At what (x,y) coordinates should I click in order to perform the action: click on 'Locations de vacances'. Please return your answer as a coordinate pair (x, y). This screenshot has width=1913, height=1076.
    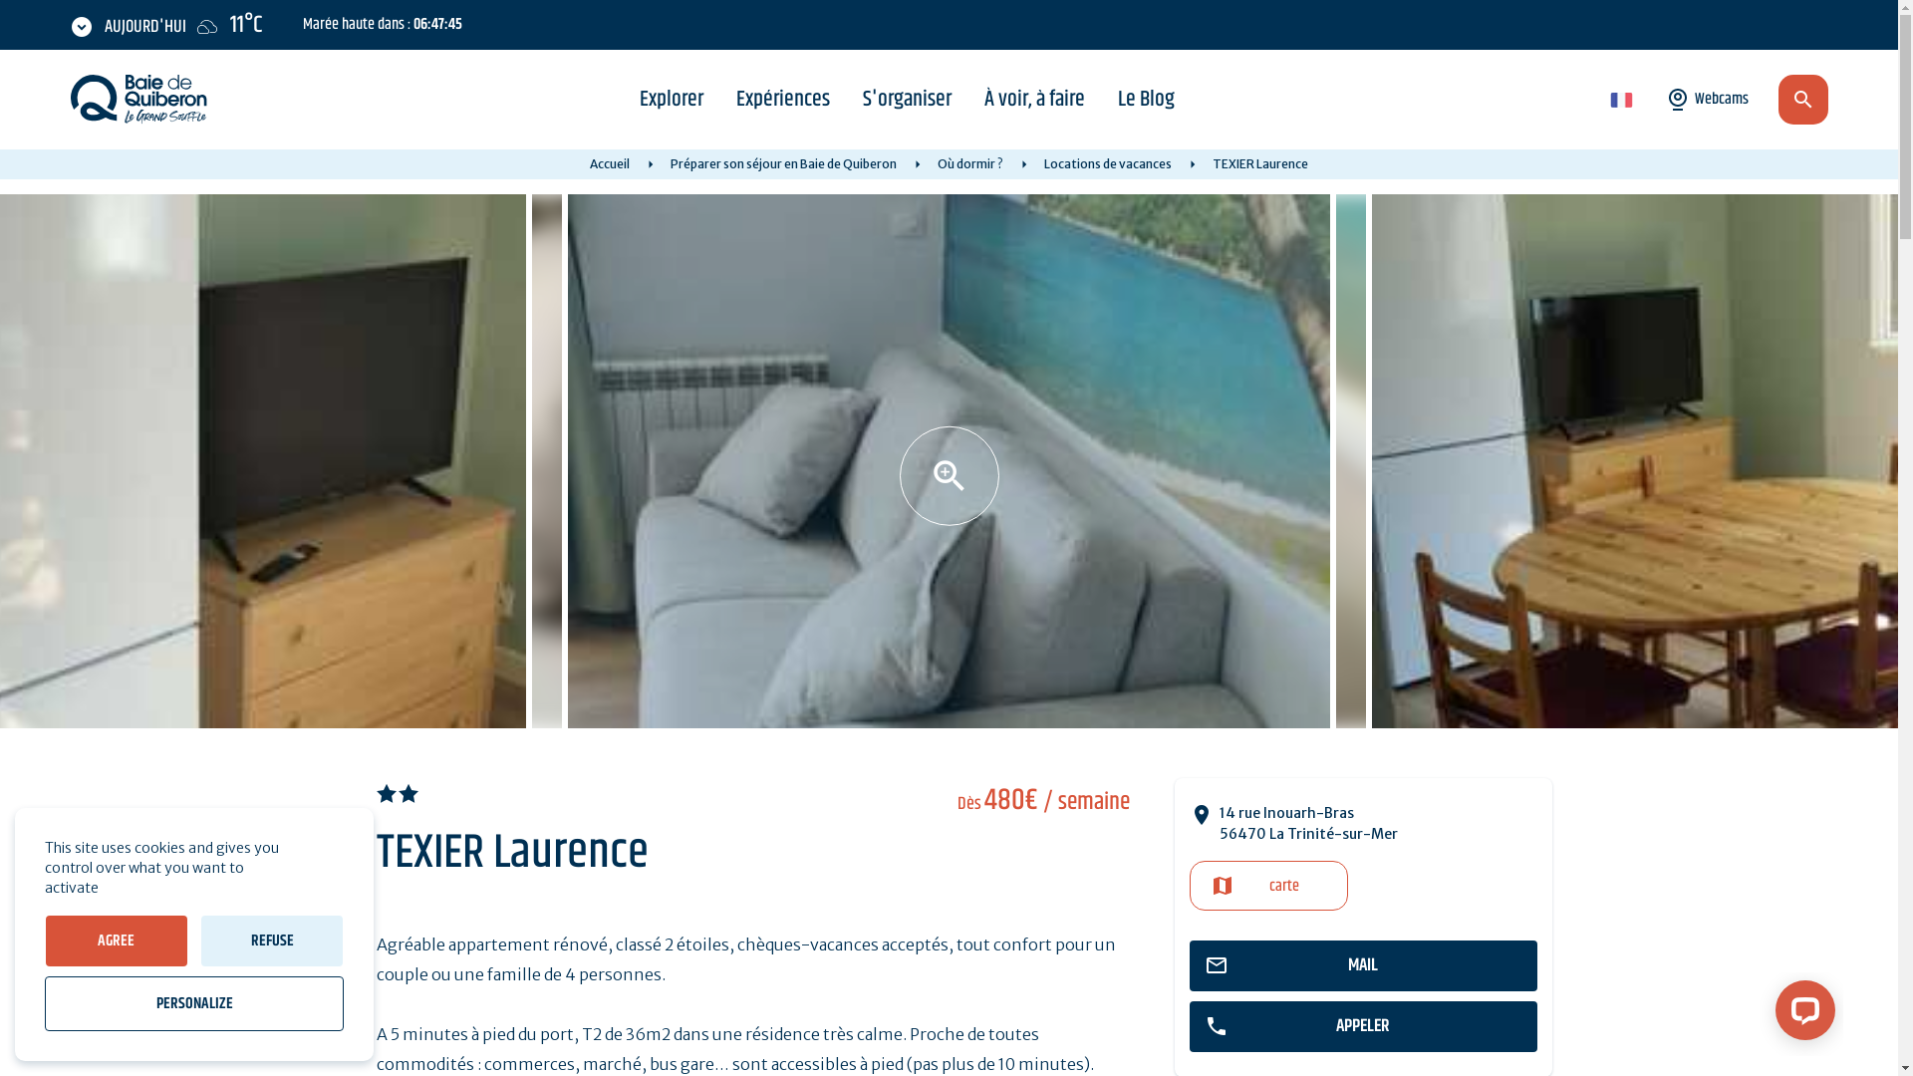
    Looking at the image, I should click on (1107, 162).